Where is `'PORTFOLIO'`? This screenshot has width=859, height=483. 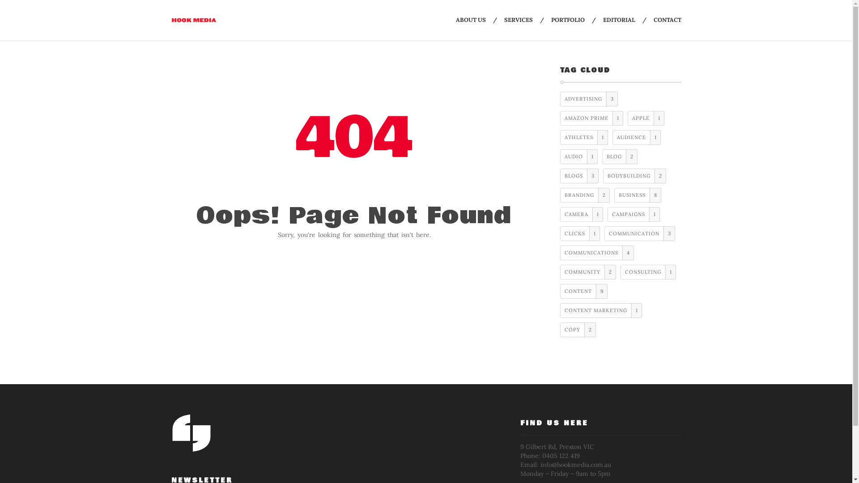
'PORTFOLIO' is located at coordinates (567, 20).